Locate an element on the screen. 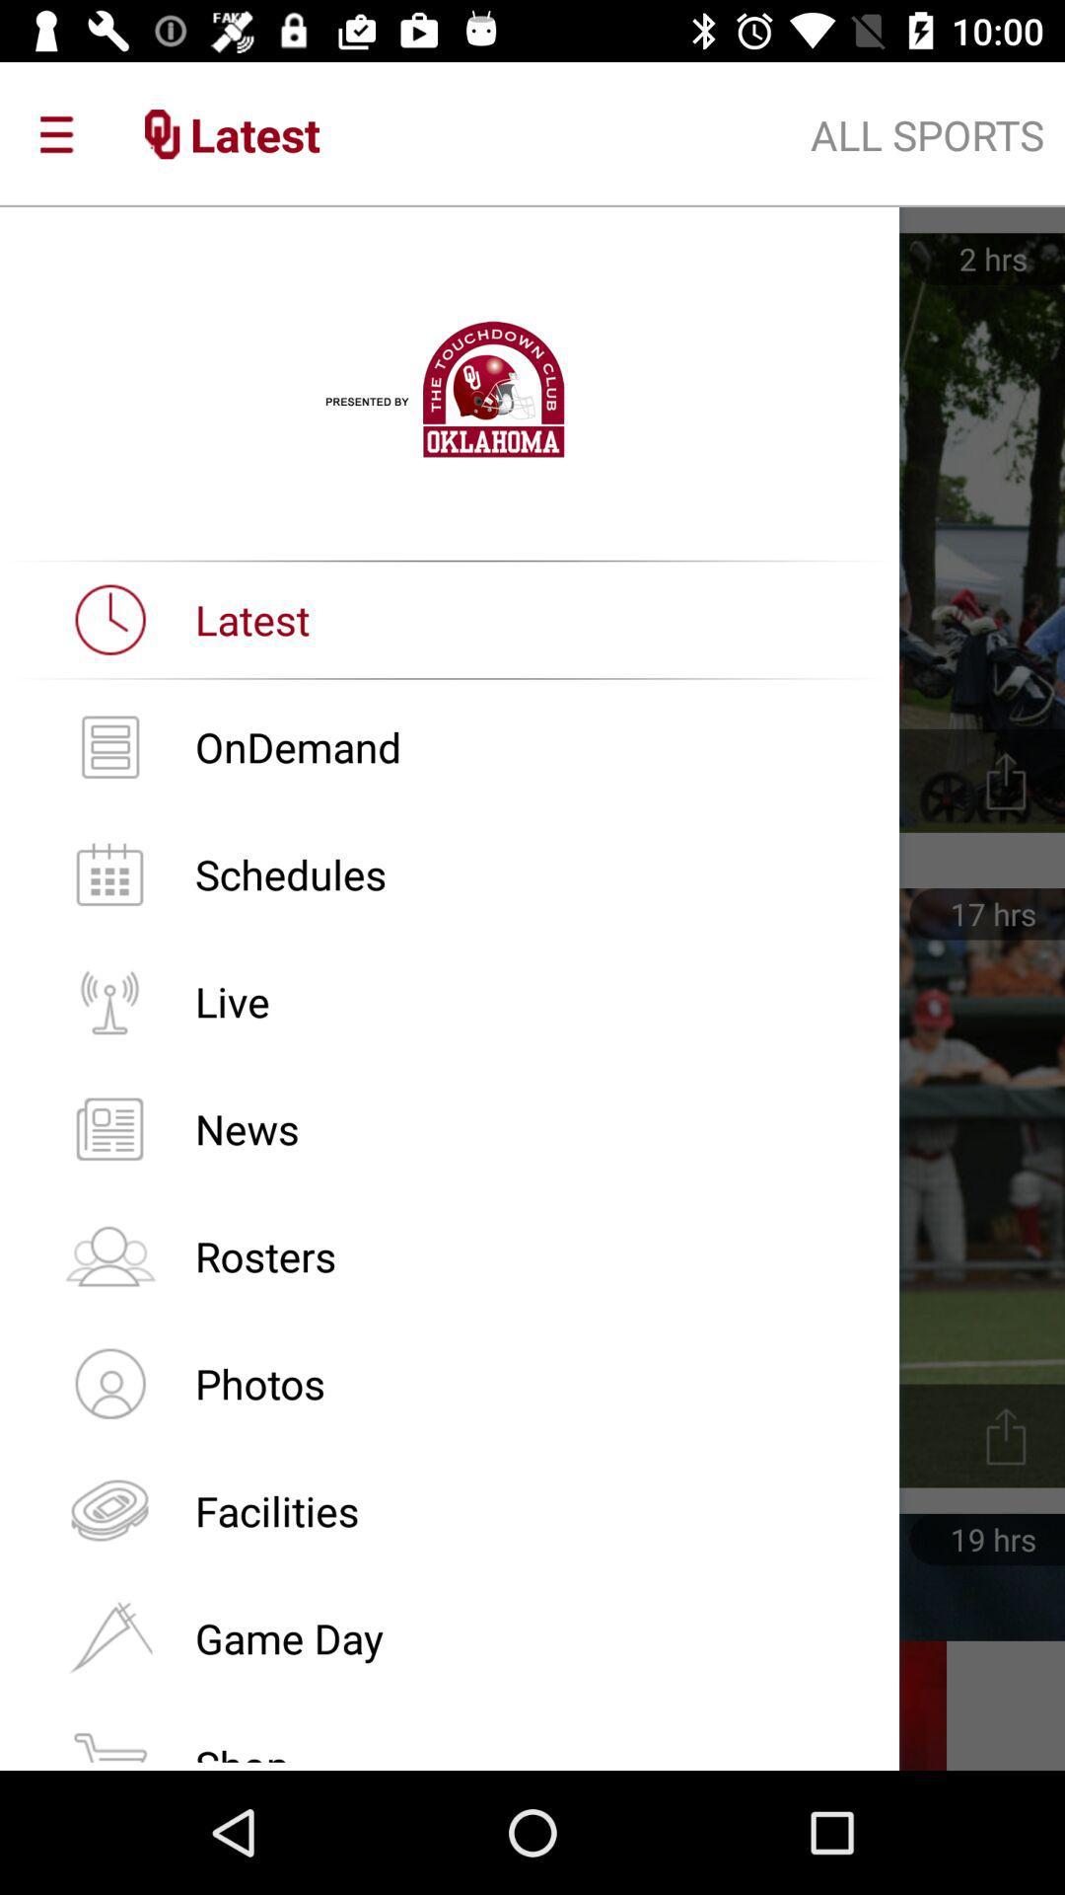 The height and width of the screenshot is (1895, 1065). the first icon below the latest is located at coordinates (109, 746).